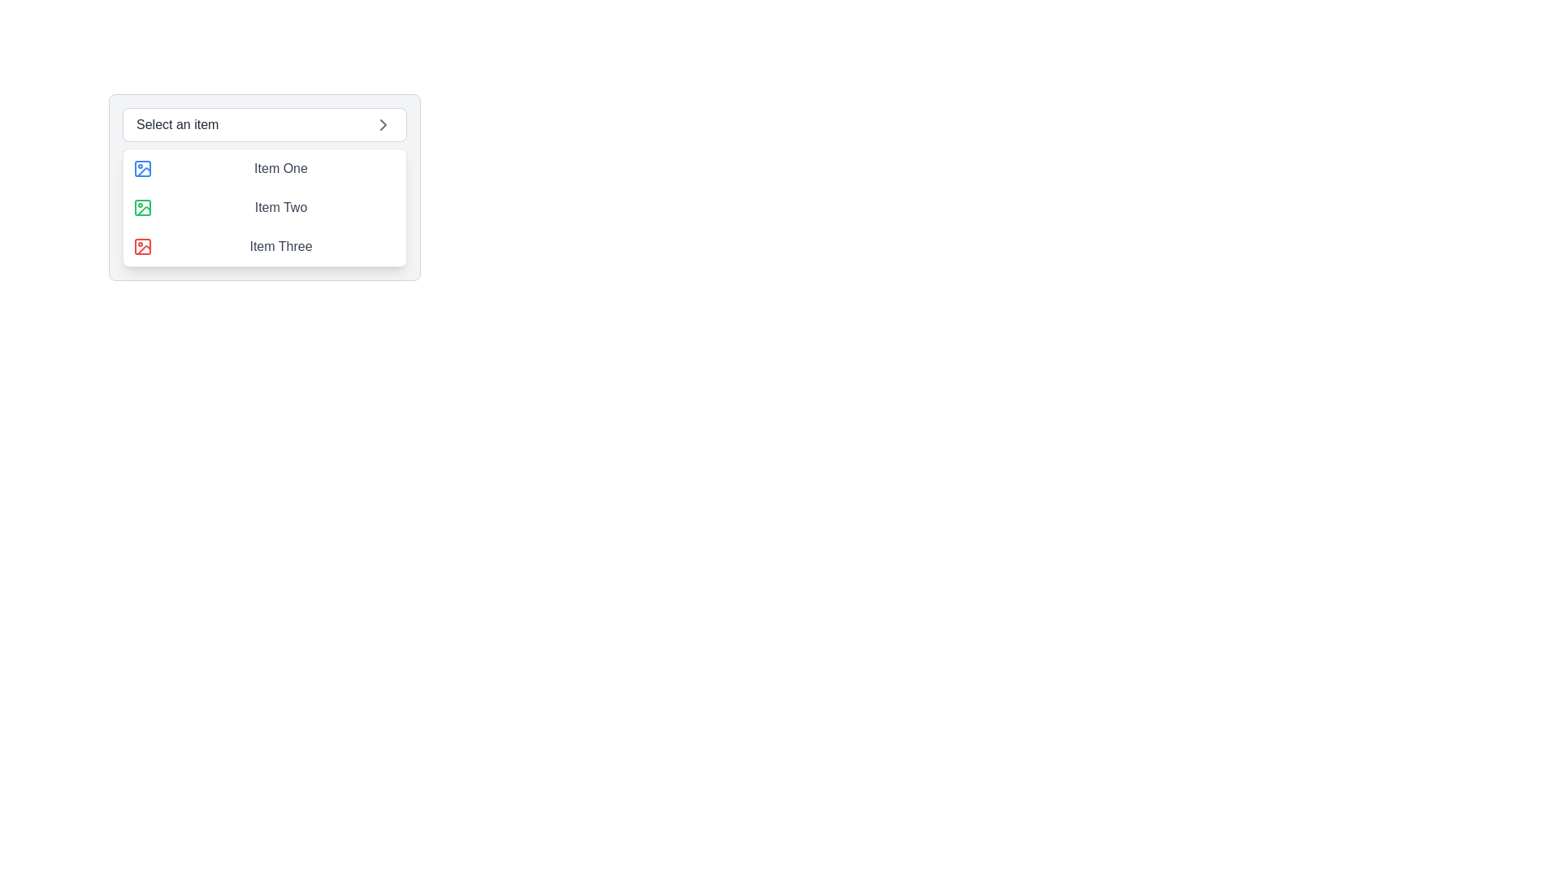 The image size is (1560, 877). What do you see at coordinates (143, 169) in the screenshot?
I see `the icon representing 'Item One' in the dropdown list, which is positioned to the left of the text 'Item One'` at bounding box center [143, 169].